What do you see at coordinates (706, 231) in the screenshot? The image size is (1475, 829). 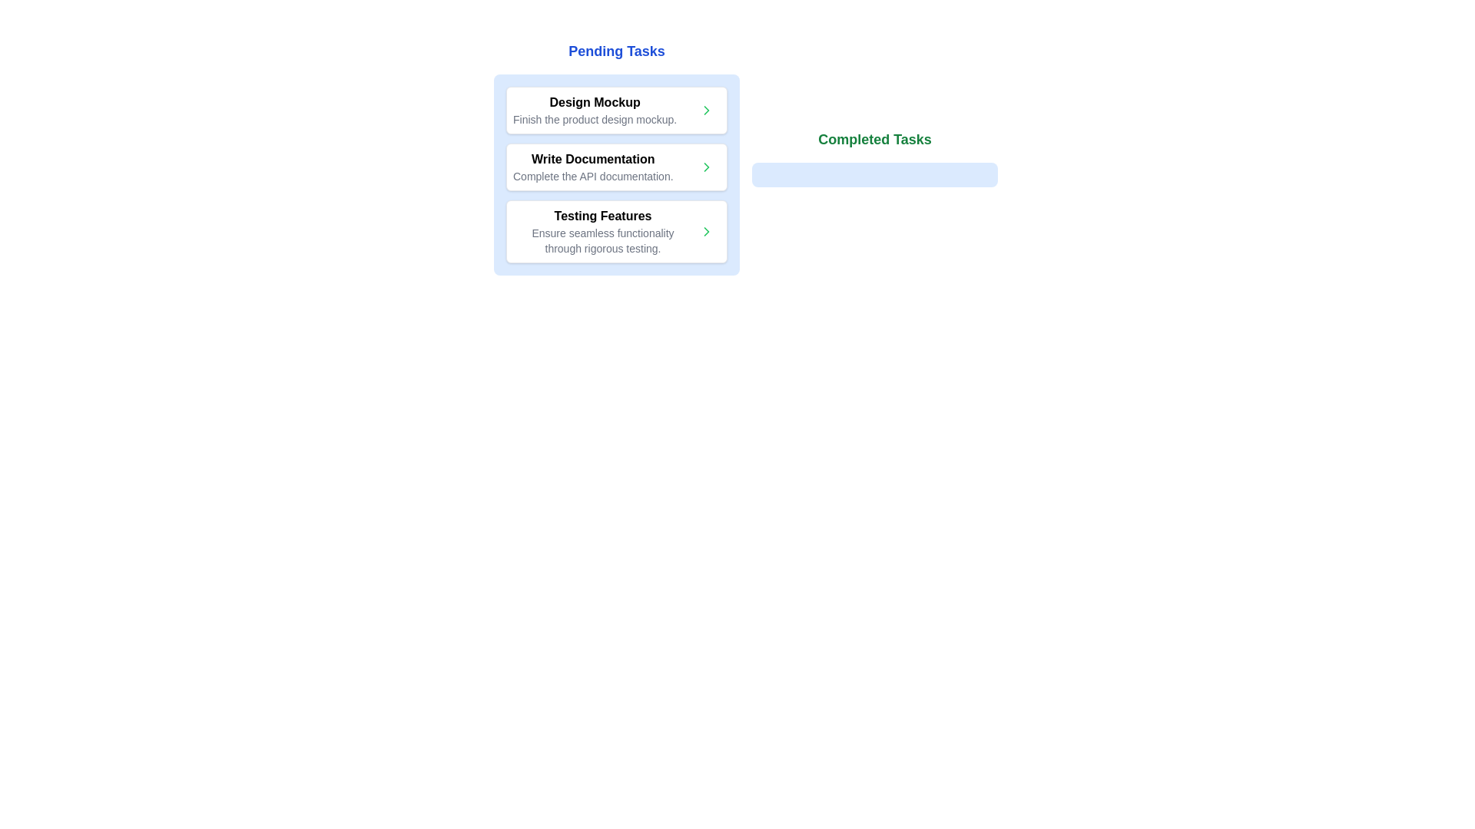 I see `green button with the right arrow icon next to the task 'Testing Features' in the pending tasks list` at bounding box center [706, 231].